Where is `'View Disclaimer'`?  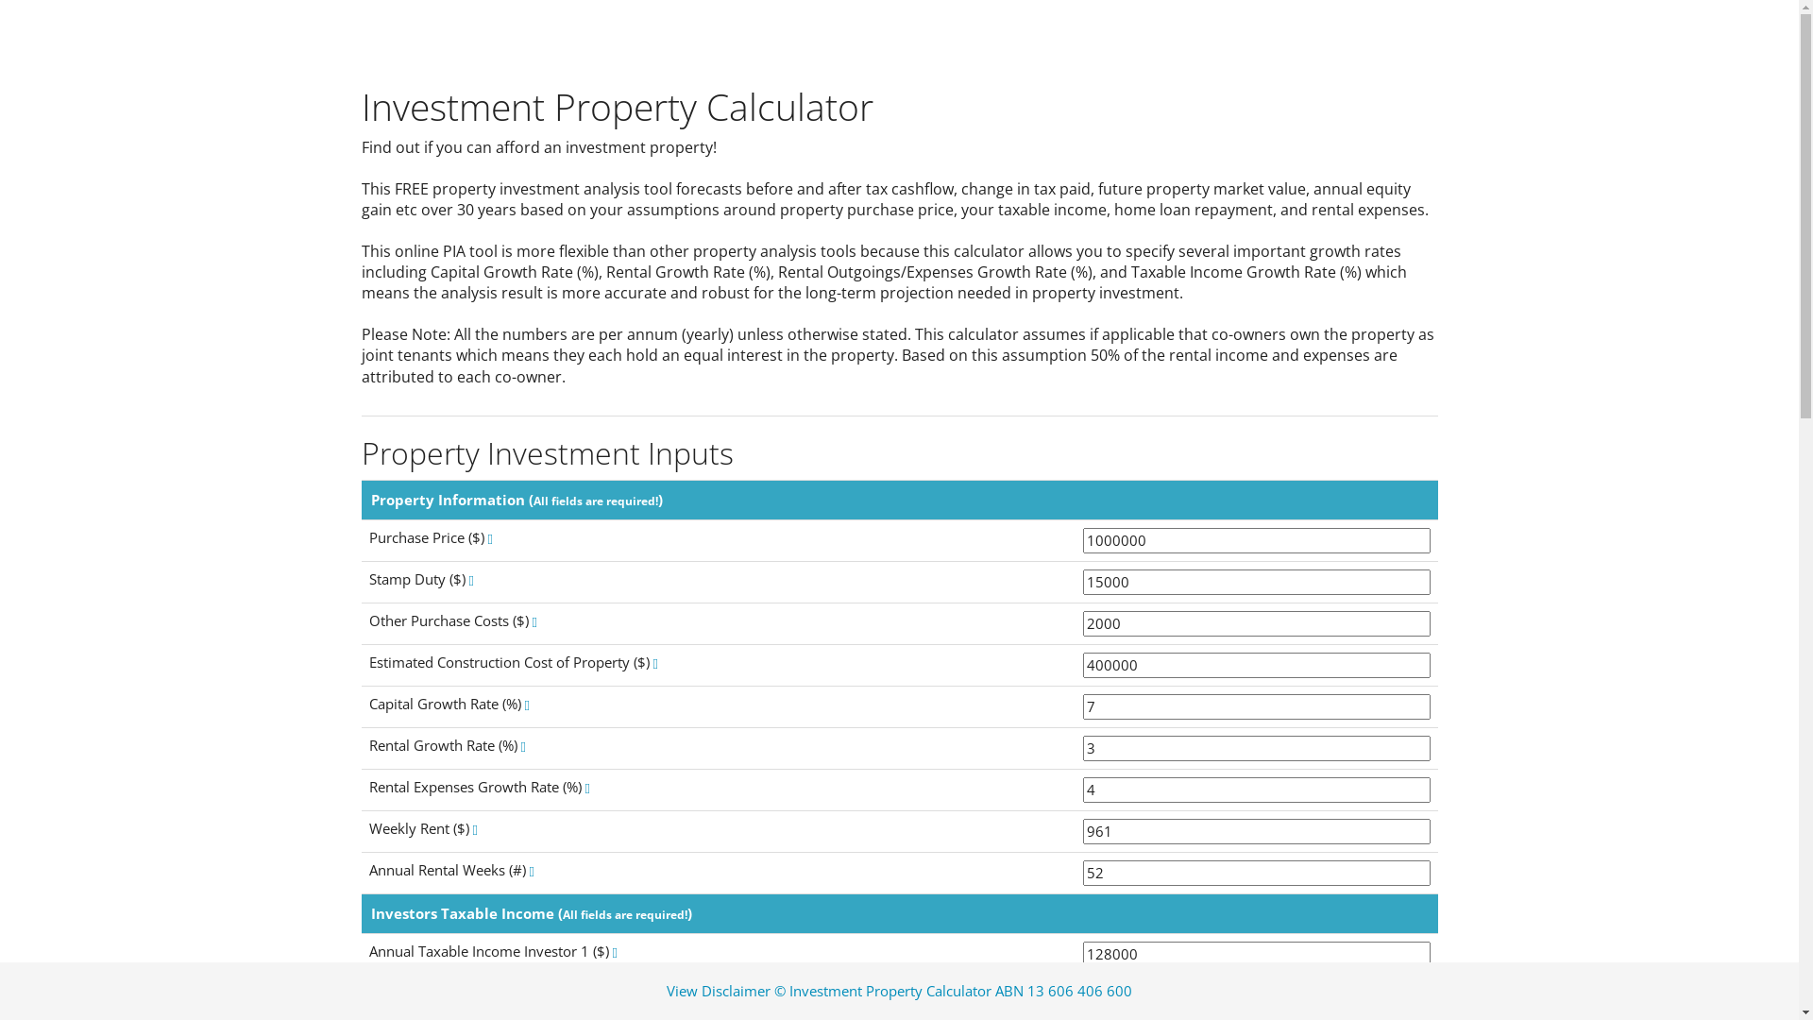 'View Disclaimer' is located at coordinates (718, 990).